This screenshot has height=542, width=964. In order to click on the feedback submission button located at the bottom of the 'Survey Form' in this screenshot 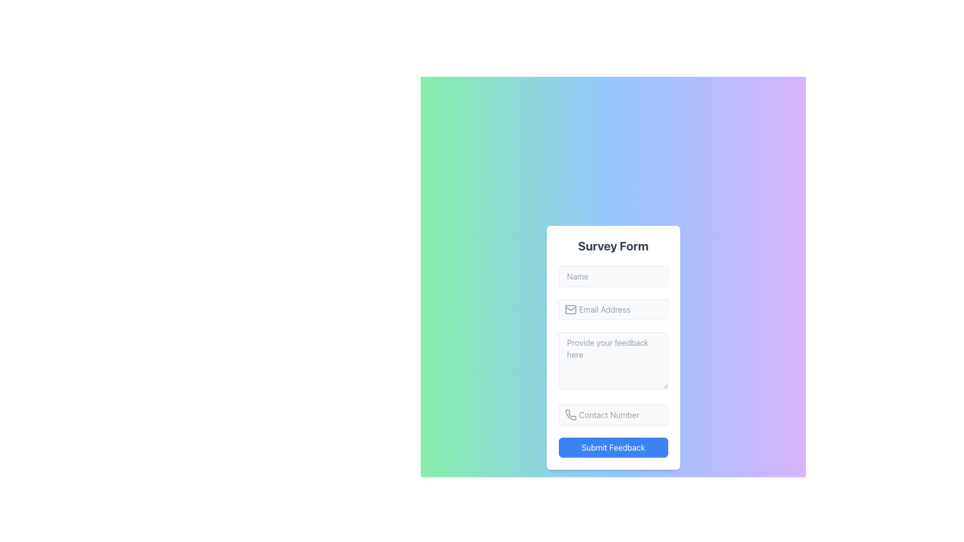, I will do `click(613, 447)`.